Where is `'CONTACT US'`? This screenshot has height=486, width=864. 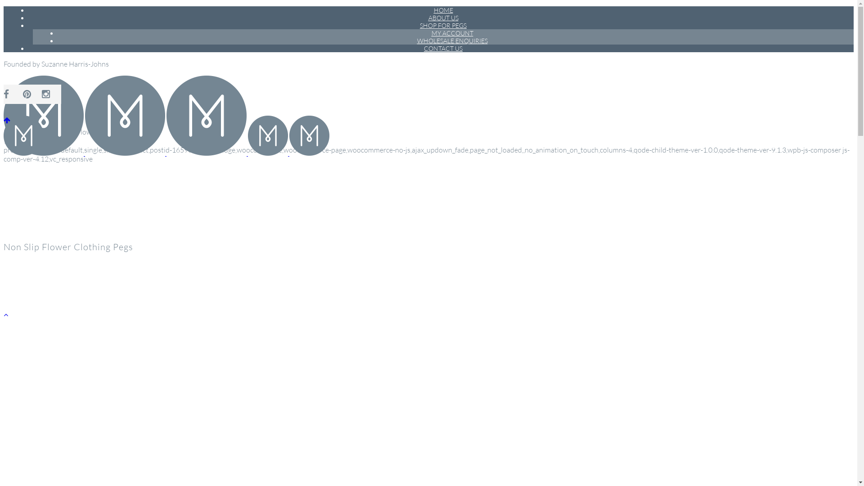
'CONTACT US' is located at coordinates (443, 48).